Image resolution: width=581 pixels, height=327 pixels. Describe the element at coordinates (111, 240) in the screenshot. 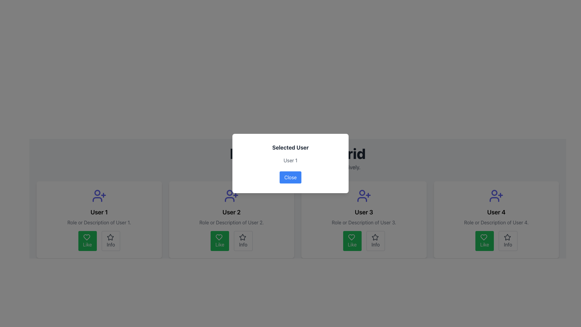

I see `the 'Info' button located under the 'User 1' panel, which is the second button in a horizontal layout and positioned to the right of the green 'Like' button` at that location.